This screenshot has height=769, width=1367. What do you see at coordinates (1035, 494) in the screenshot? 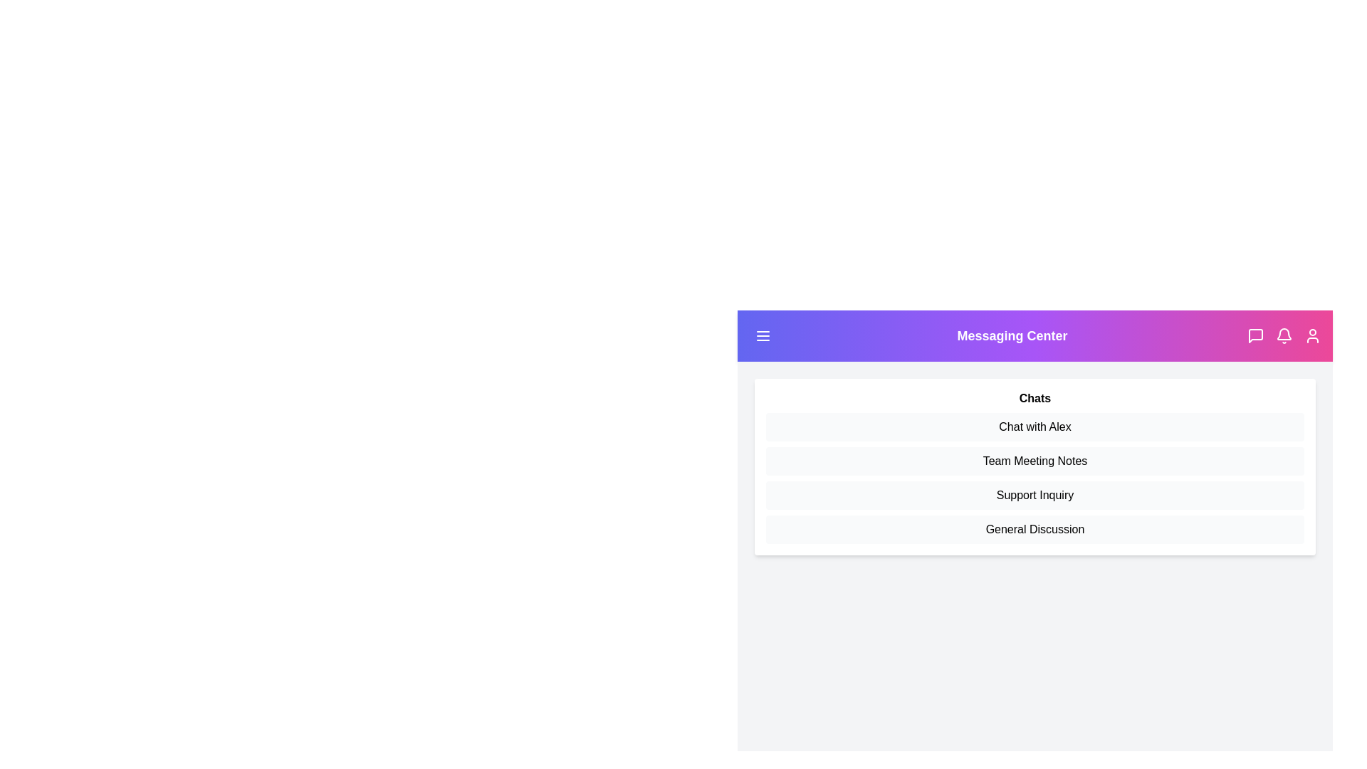
I see `the 'Support Inquiry' list item` at bounding box center [1035, 494].